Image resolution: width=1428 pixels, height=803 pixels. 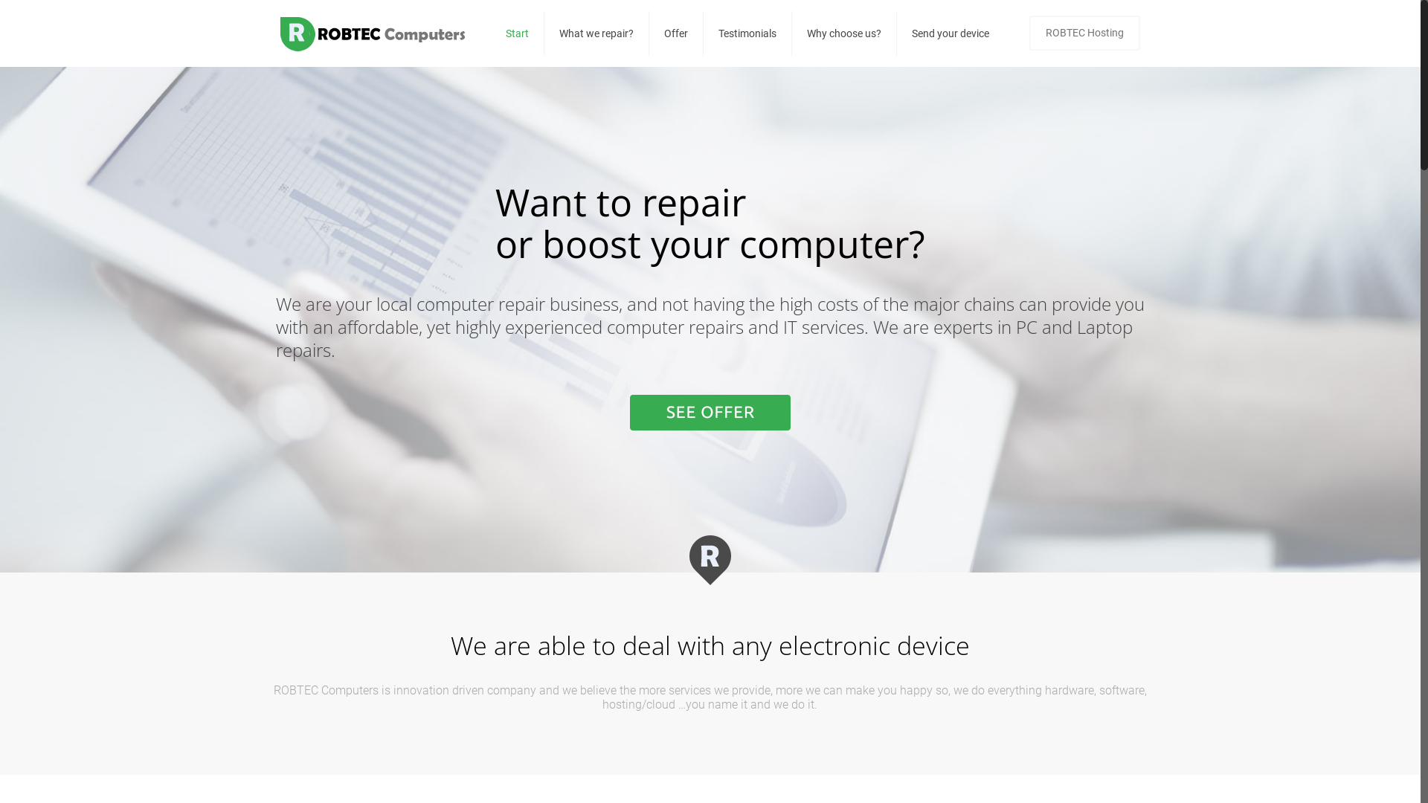 I want to click on 'Why choose us?', so click(x=844, y=33).